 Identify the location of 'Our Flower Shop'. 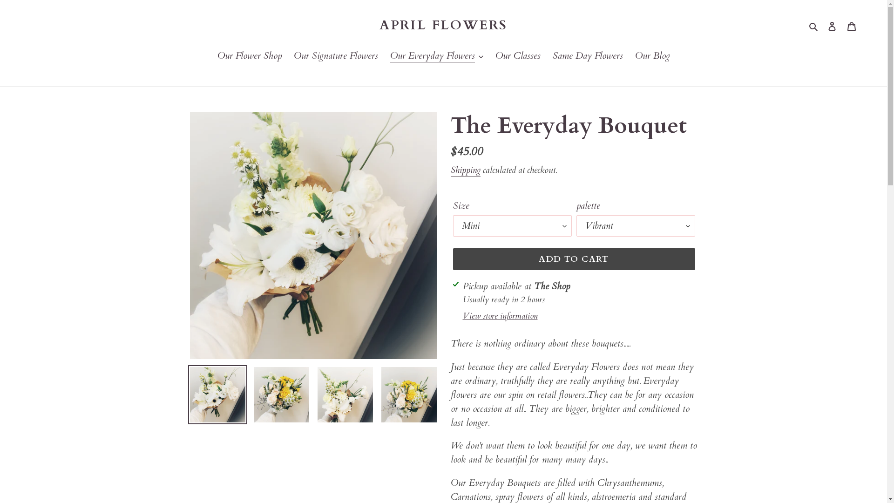
(212, 56).